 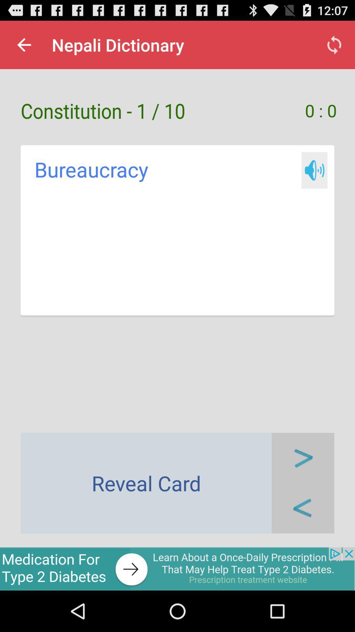 I want to click on audio pronunciation, so click(x=314, y=170).